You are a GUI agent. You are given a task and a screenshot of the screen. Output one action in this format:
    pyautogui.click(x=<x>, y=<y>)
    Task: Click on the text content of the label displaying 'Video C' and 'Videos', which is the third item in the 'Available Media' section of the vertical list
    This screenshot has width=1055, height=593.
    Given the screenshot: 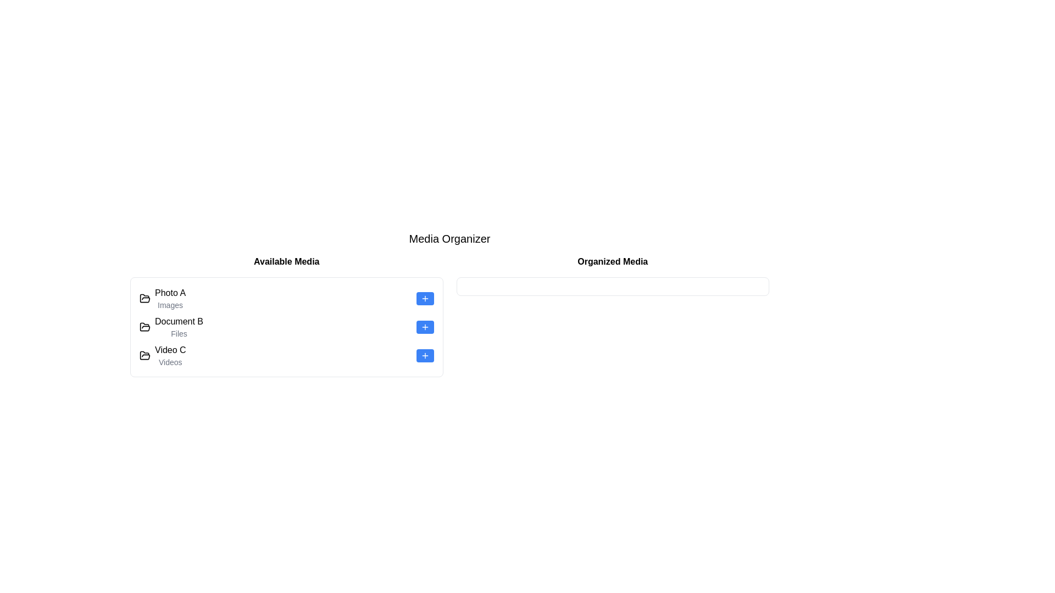 What is the action you would take?
    pyautogui.click(x=170, y=356)
    